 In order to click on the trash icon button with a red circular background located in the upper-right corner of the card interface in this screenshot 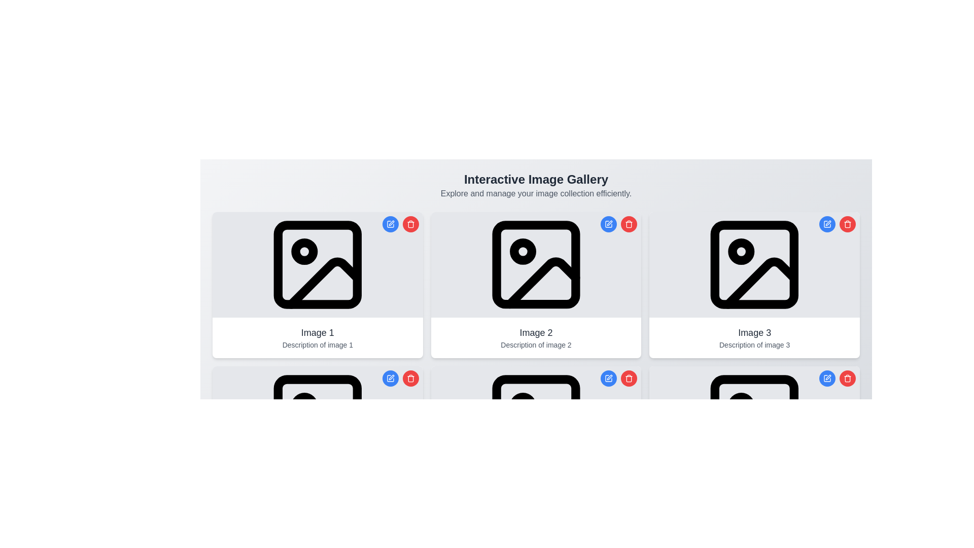, I will do `click(629, 224)`.